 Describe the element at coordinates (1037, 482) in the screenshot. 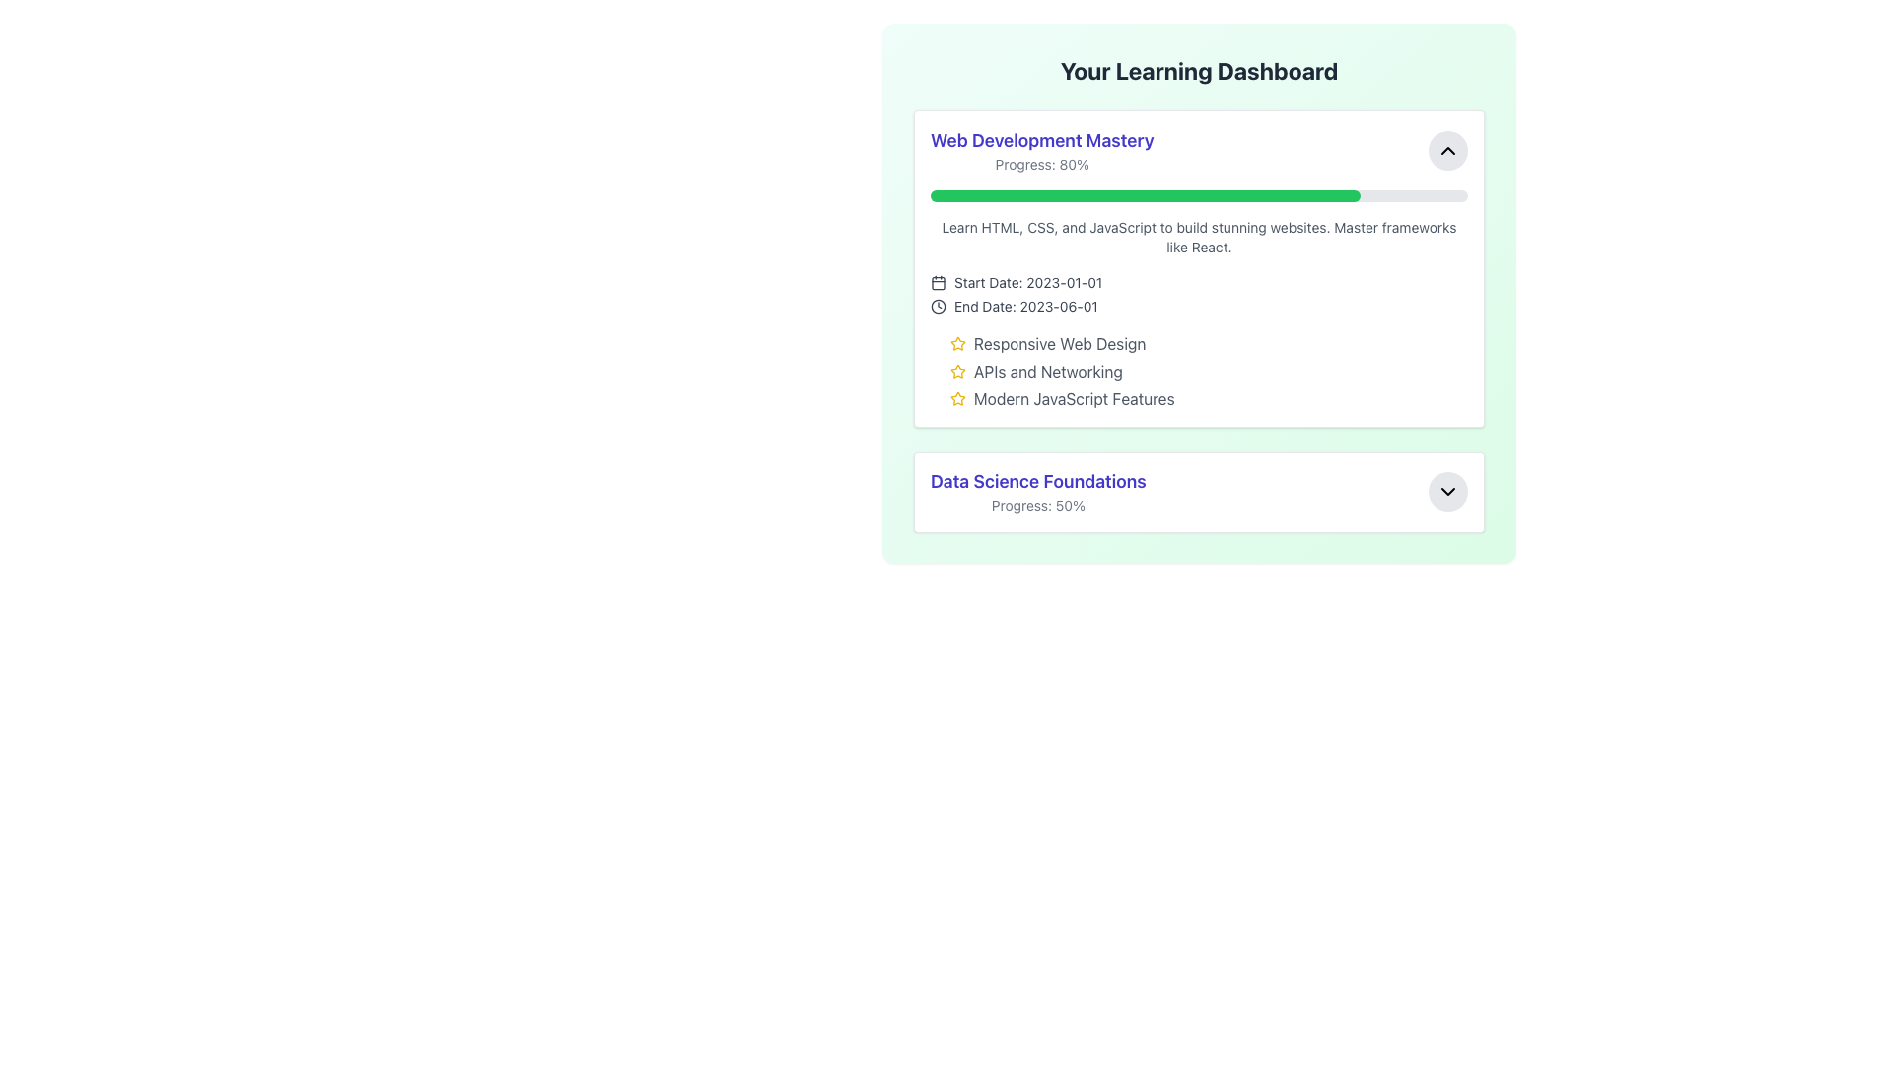

I see `text label titled 'Data Science Foundations', which is styled in a bold font and colored indigo, positioned at the center above the progress indicator` at that location.